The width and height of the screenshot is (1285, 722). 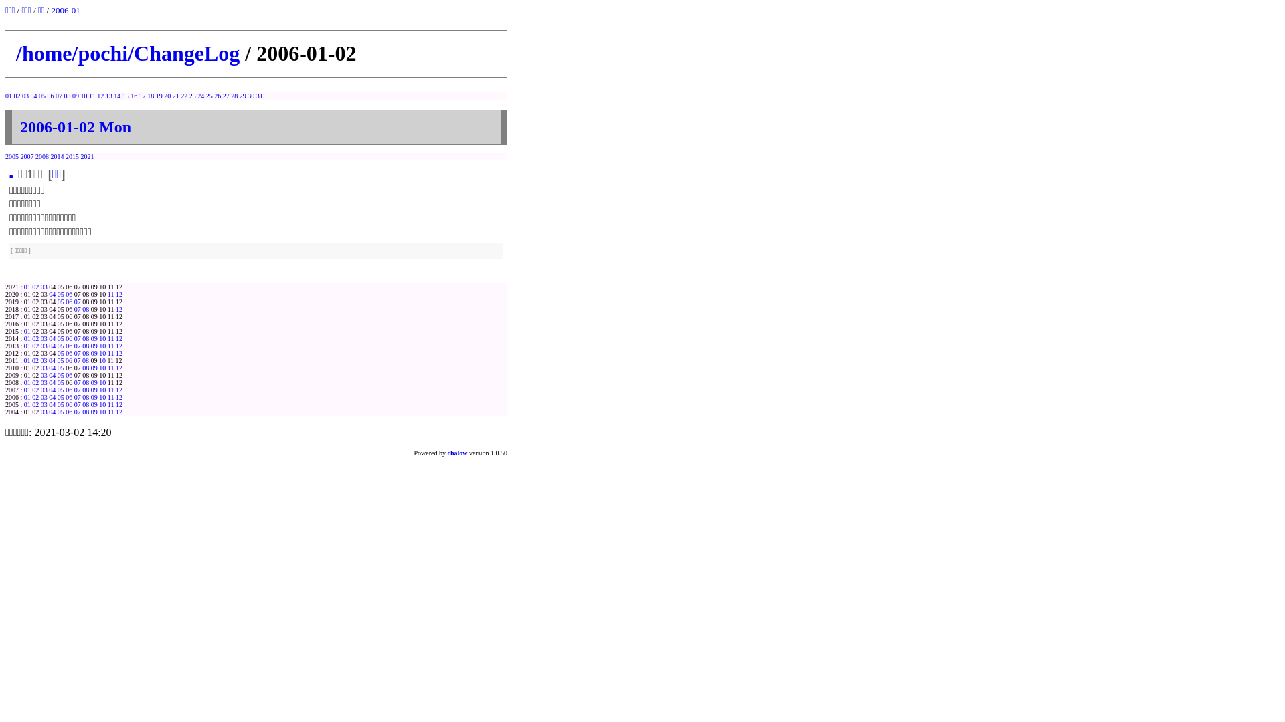 What do you see at coordinates (80, 156) in the screenshot?
I see `'2021'` at bounding box center [80, 156].